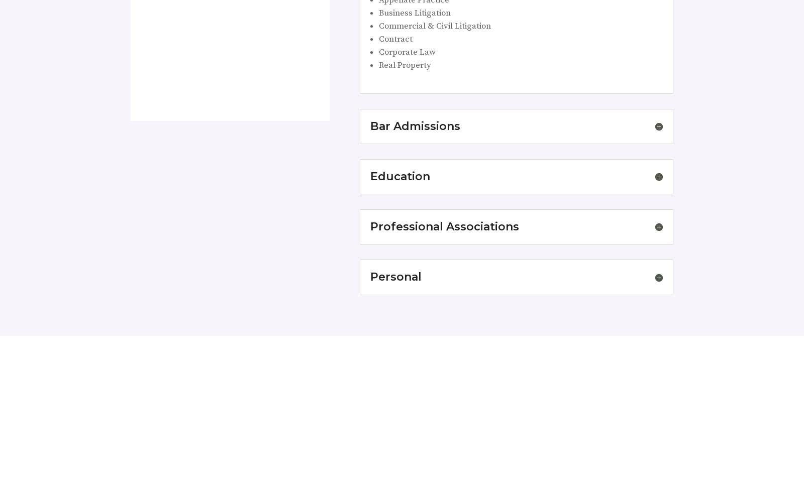 The height and width of the screenshot is (504, 804). I want to click on 'Commercial & Civil Litigation', so click(378, 26).